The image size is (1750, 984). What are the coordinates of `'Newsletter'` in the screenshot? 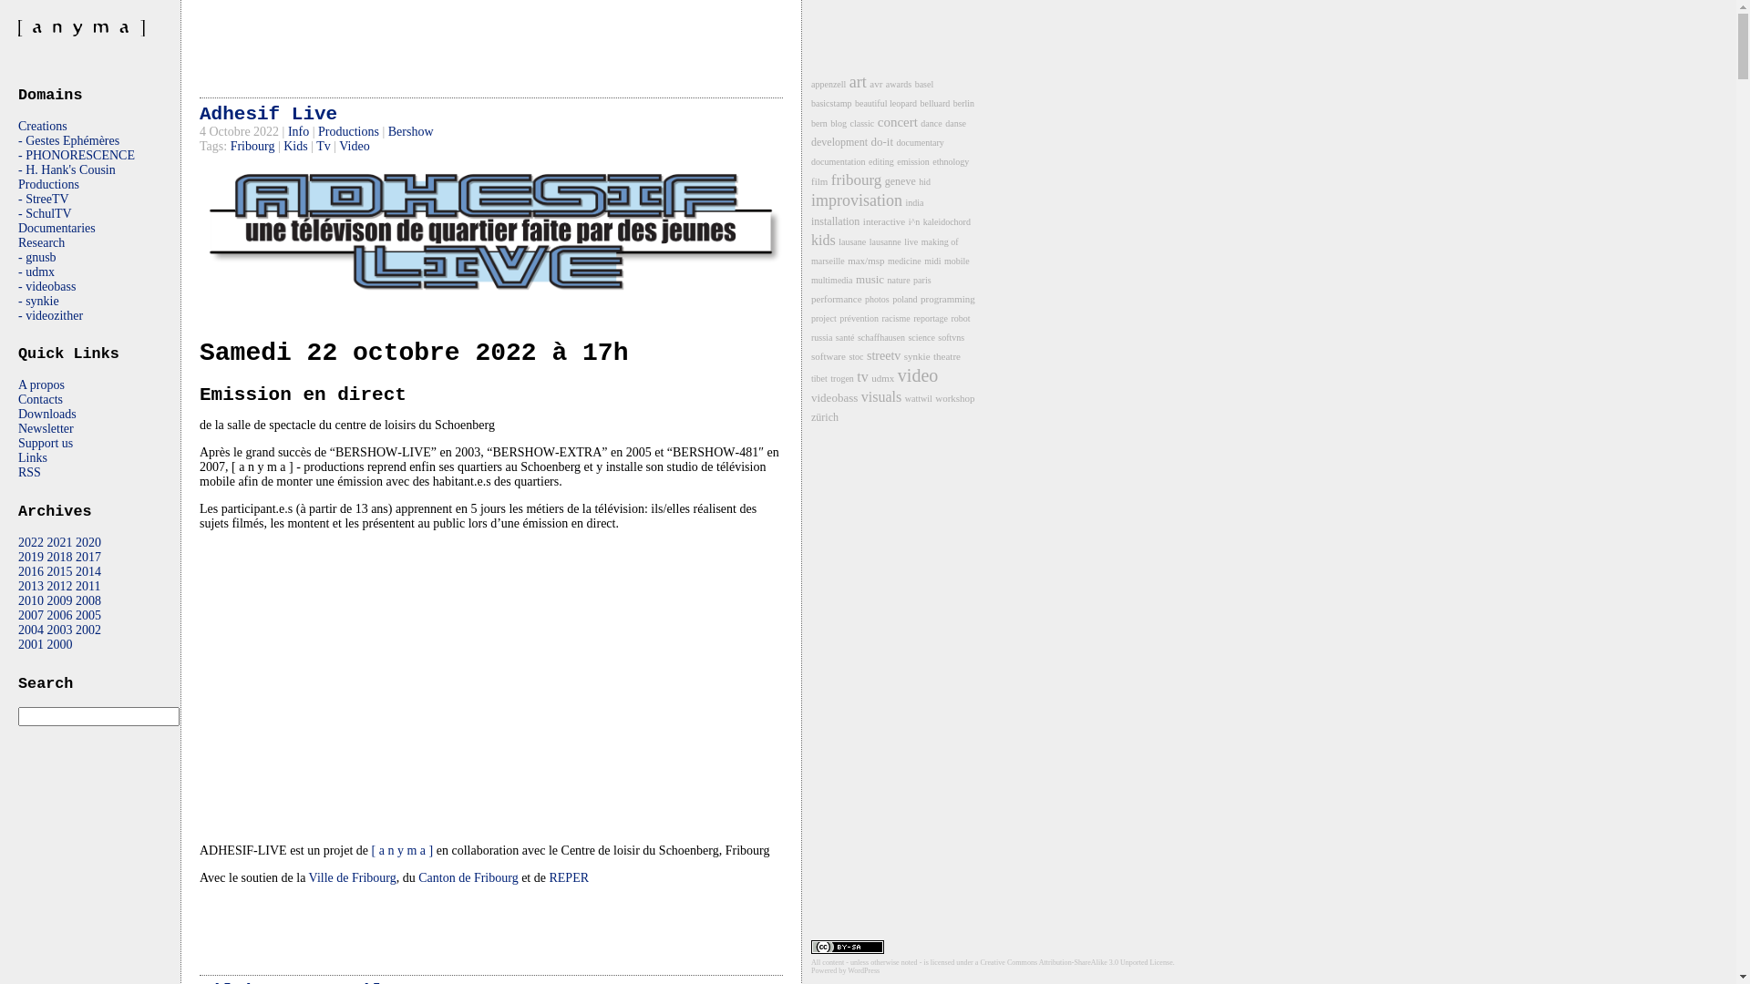 It's located at (46, 428).